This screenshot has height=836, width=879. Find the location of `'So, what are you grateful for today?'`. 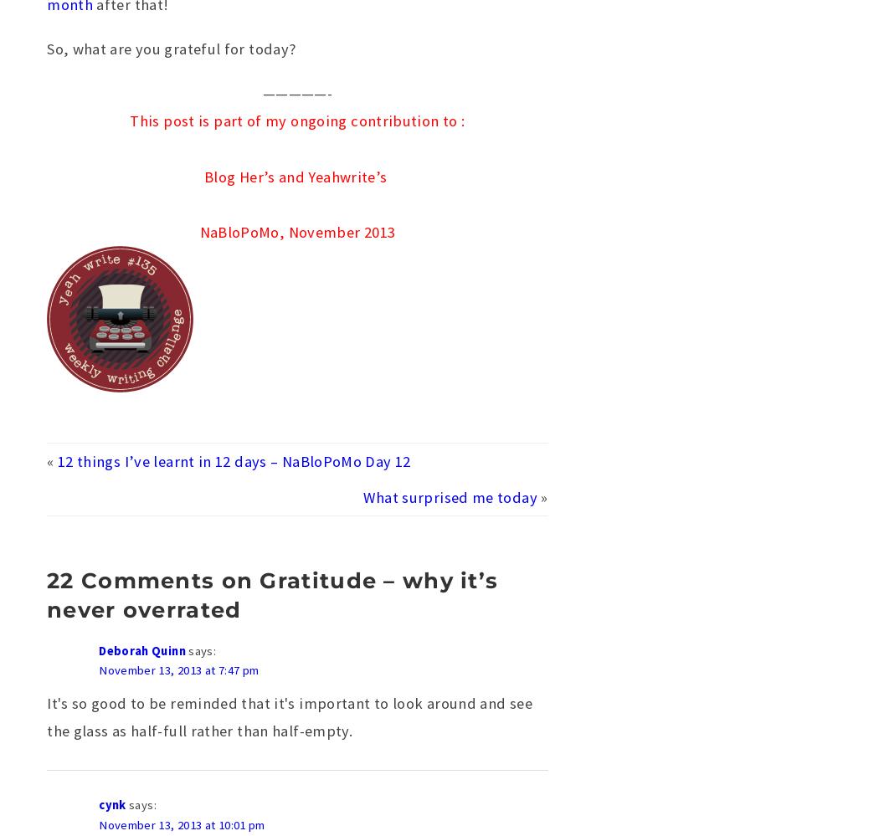

'So, what are you grateful for today?' is located at coordinates (45, 48).